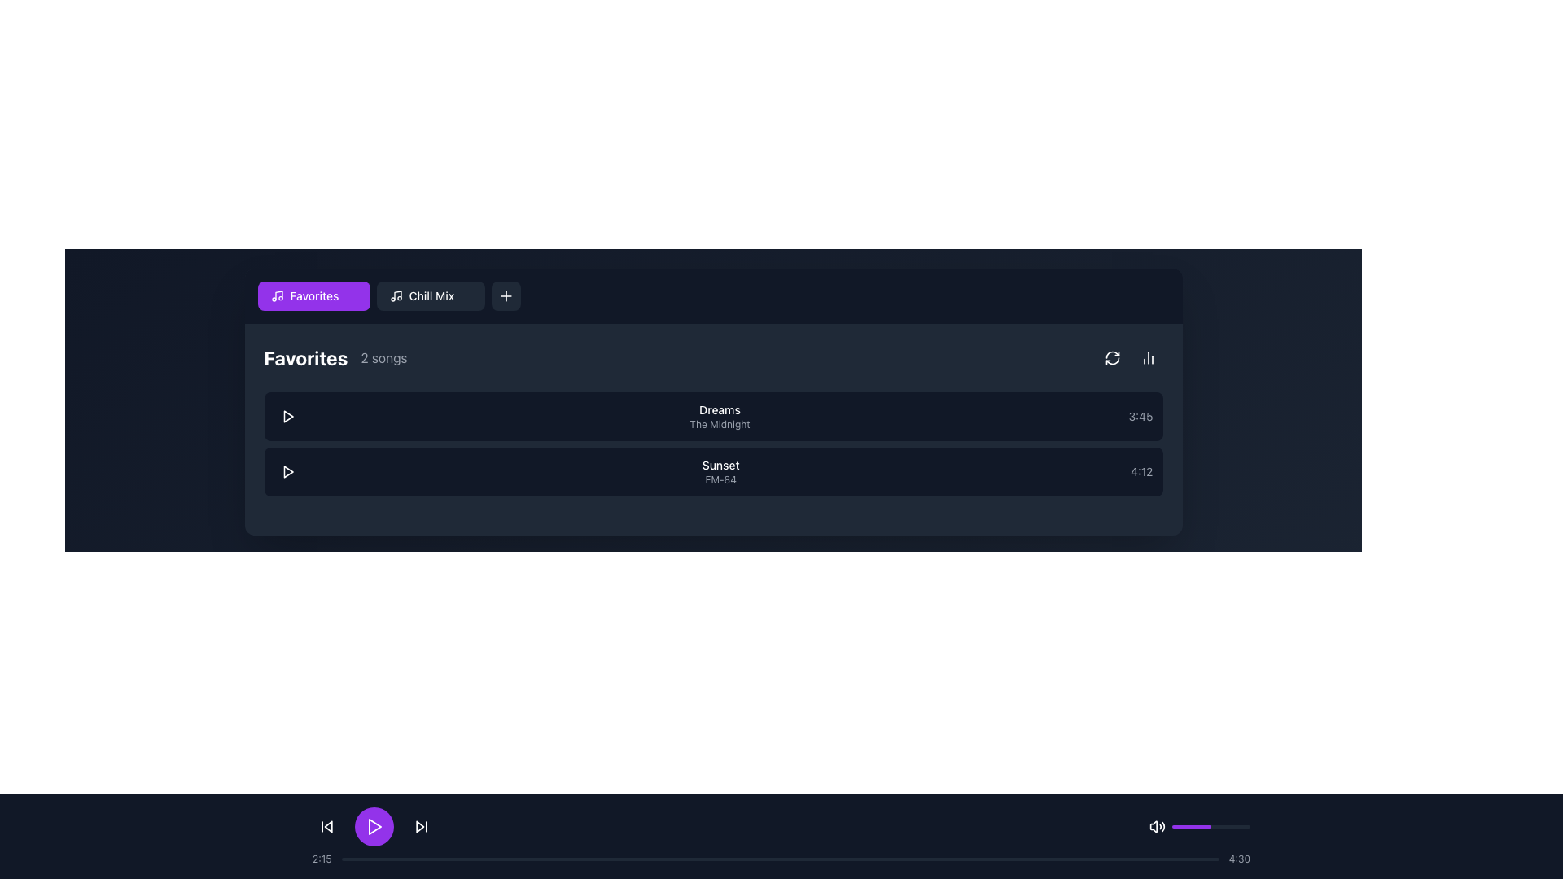 The image size is (1563, 879). Describe the element at coordinates (1206, 826) in the screenshot. I see `the volume slider` at that location.